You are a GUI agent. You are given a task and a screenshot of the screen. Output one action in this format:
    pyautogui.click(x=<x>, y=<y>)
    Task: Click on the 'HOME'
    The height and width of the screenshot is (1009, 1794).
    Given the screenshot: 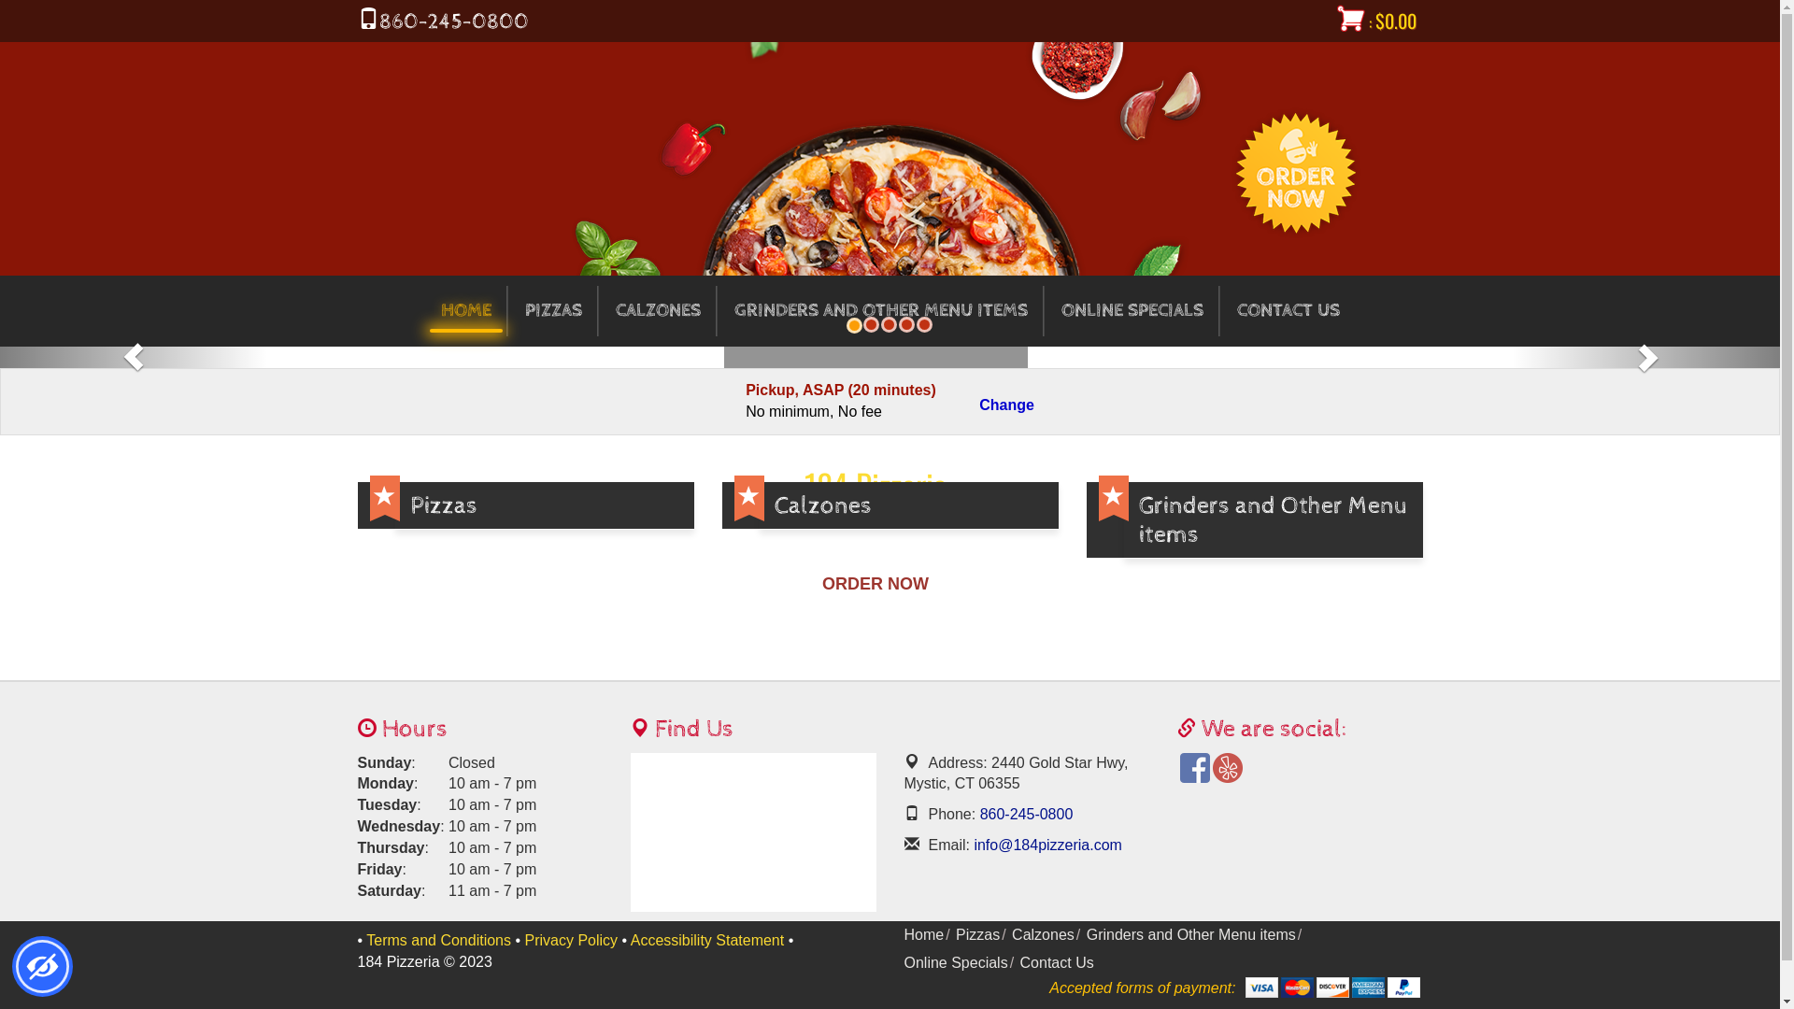 What is the action you would take?
    pyautogui.click(x=466, y=309)
    